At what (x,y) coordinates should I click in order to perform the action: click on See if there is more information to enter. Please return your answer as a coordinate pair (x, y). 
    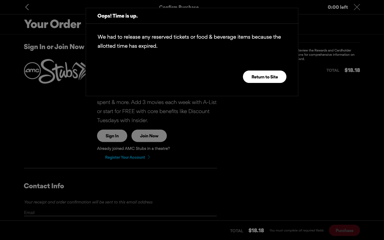
    Looking at the image, I should click on (120, 213).